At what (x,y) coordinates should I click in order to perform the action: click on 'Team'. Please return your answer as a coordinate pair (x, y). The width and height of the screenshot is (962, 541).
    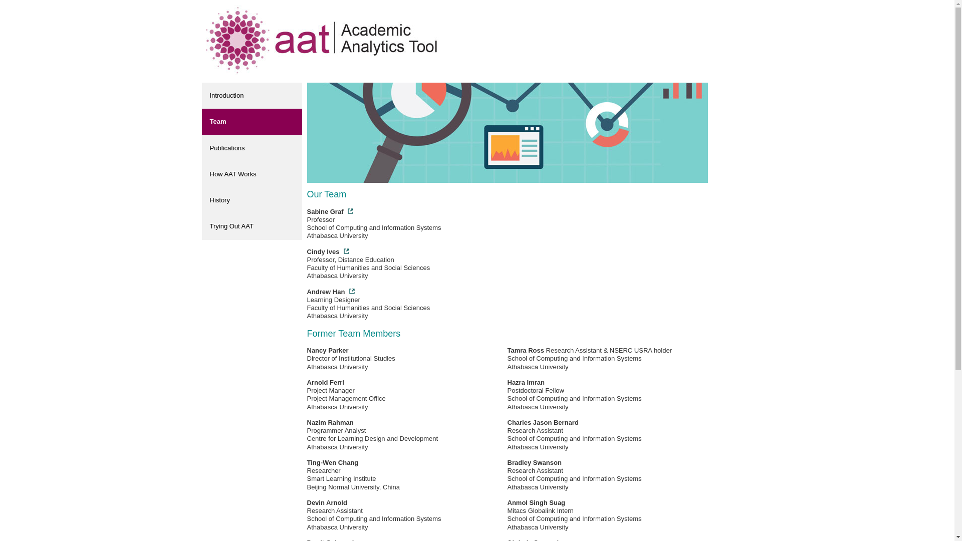
    Looking at the image, I should click on (252, 121).